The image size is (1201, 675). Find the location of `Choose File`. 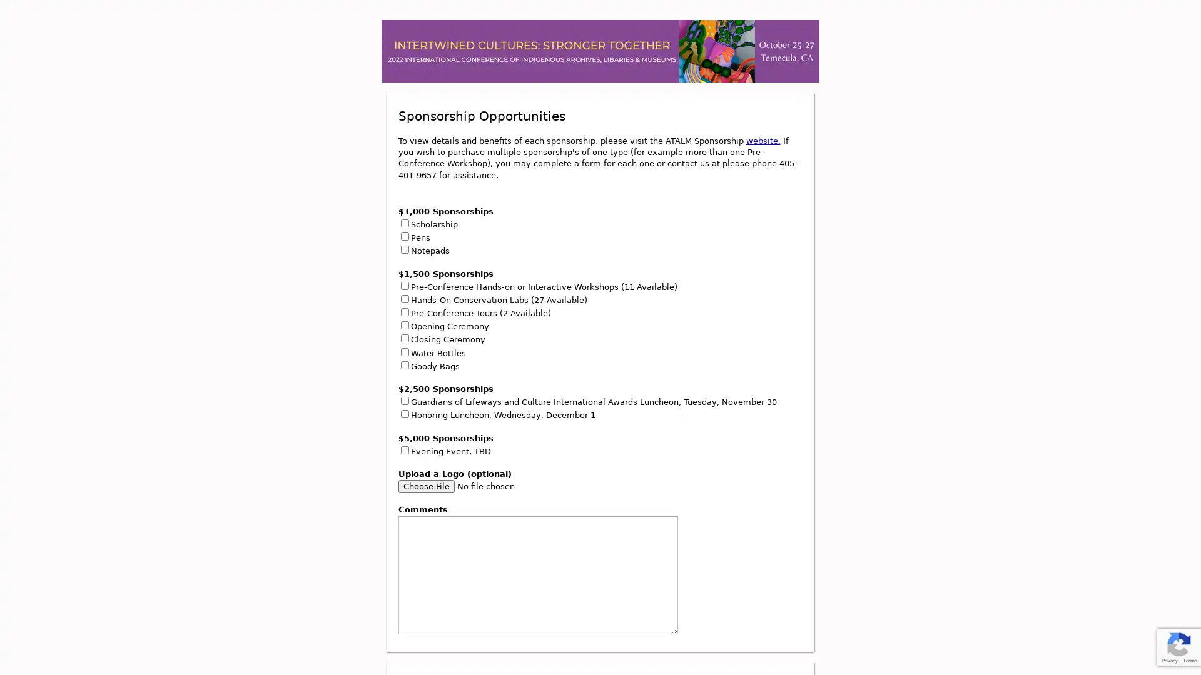

Choose File is located at coordinates (426, 486).